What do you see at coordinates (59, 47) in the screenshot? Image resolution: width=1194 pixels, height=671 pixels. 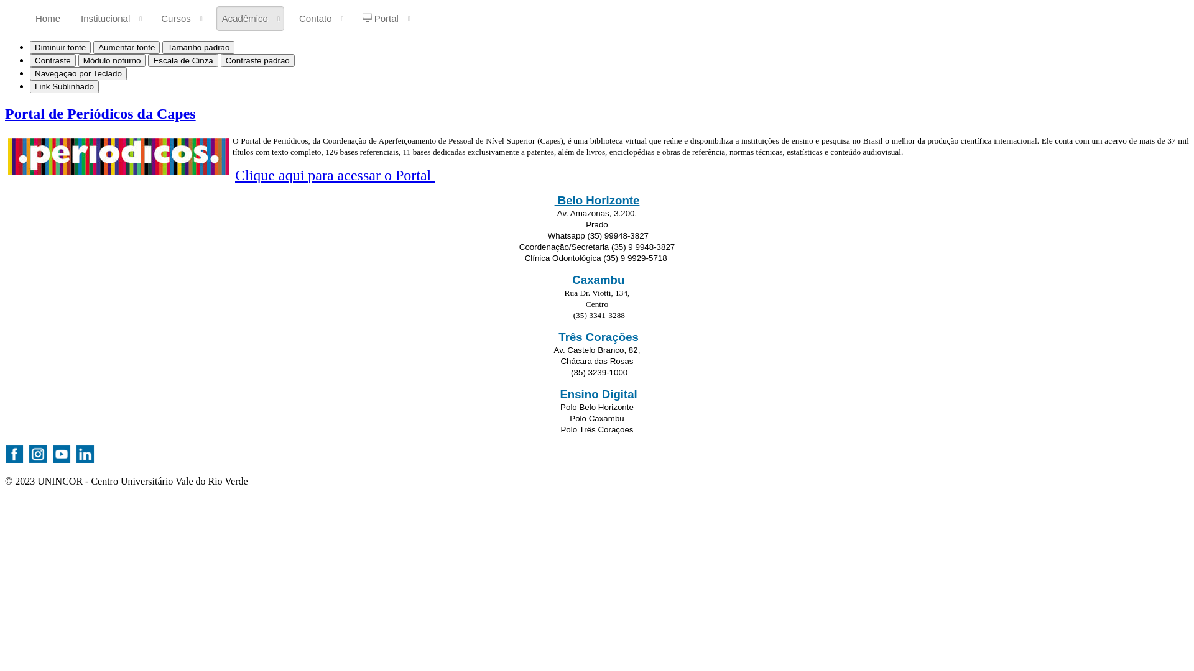 I see `'Diminuir fonte'` at bounding box center [59, 47].